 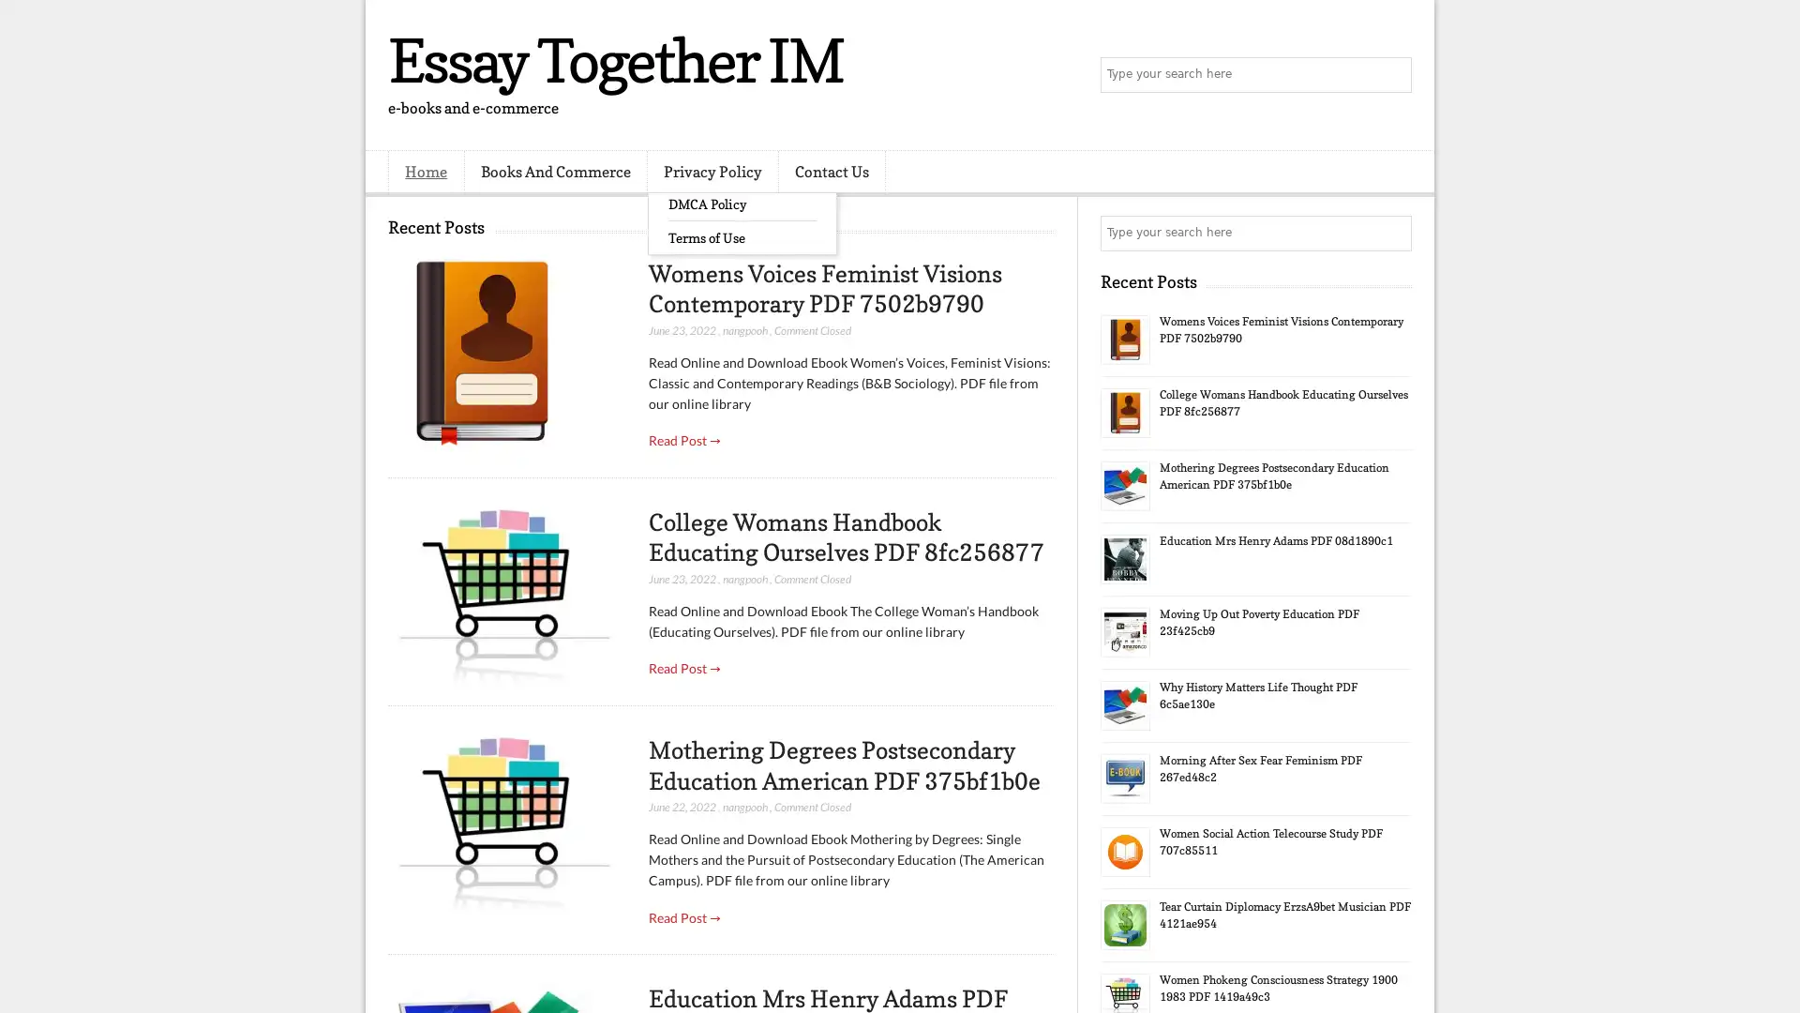 What do you see at coordinates (1392, 75) in the screenshot?
I see `Search` at bounding box center [1392, 75].